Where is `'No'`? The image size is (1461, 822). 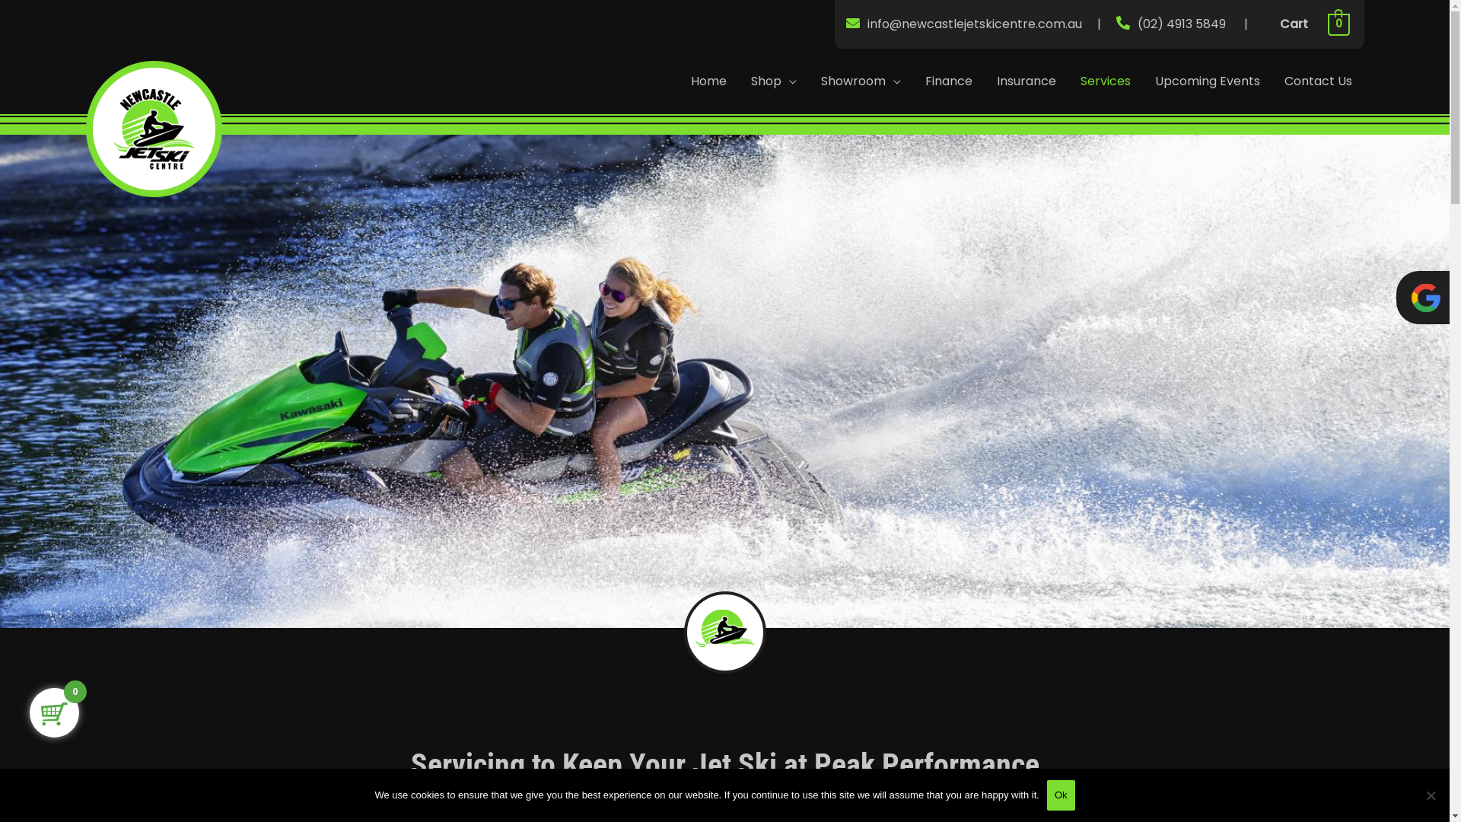
'No' is located at coordinates (1430, 795).